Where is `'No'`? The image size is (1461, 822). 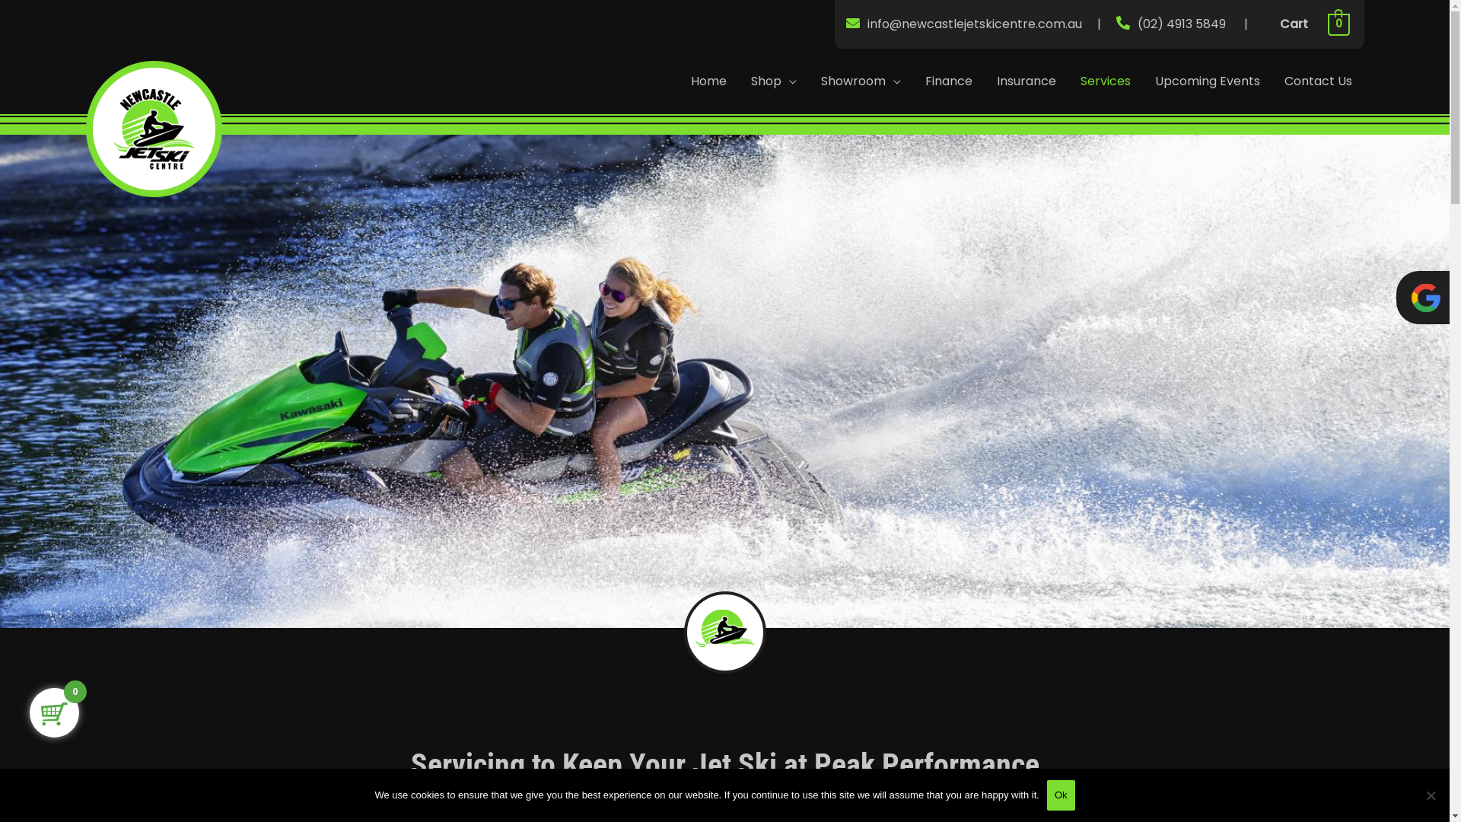
'No' is located at coordinates (1430, 795).